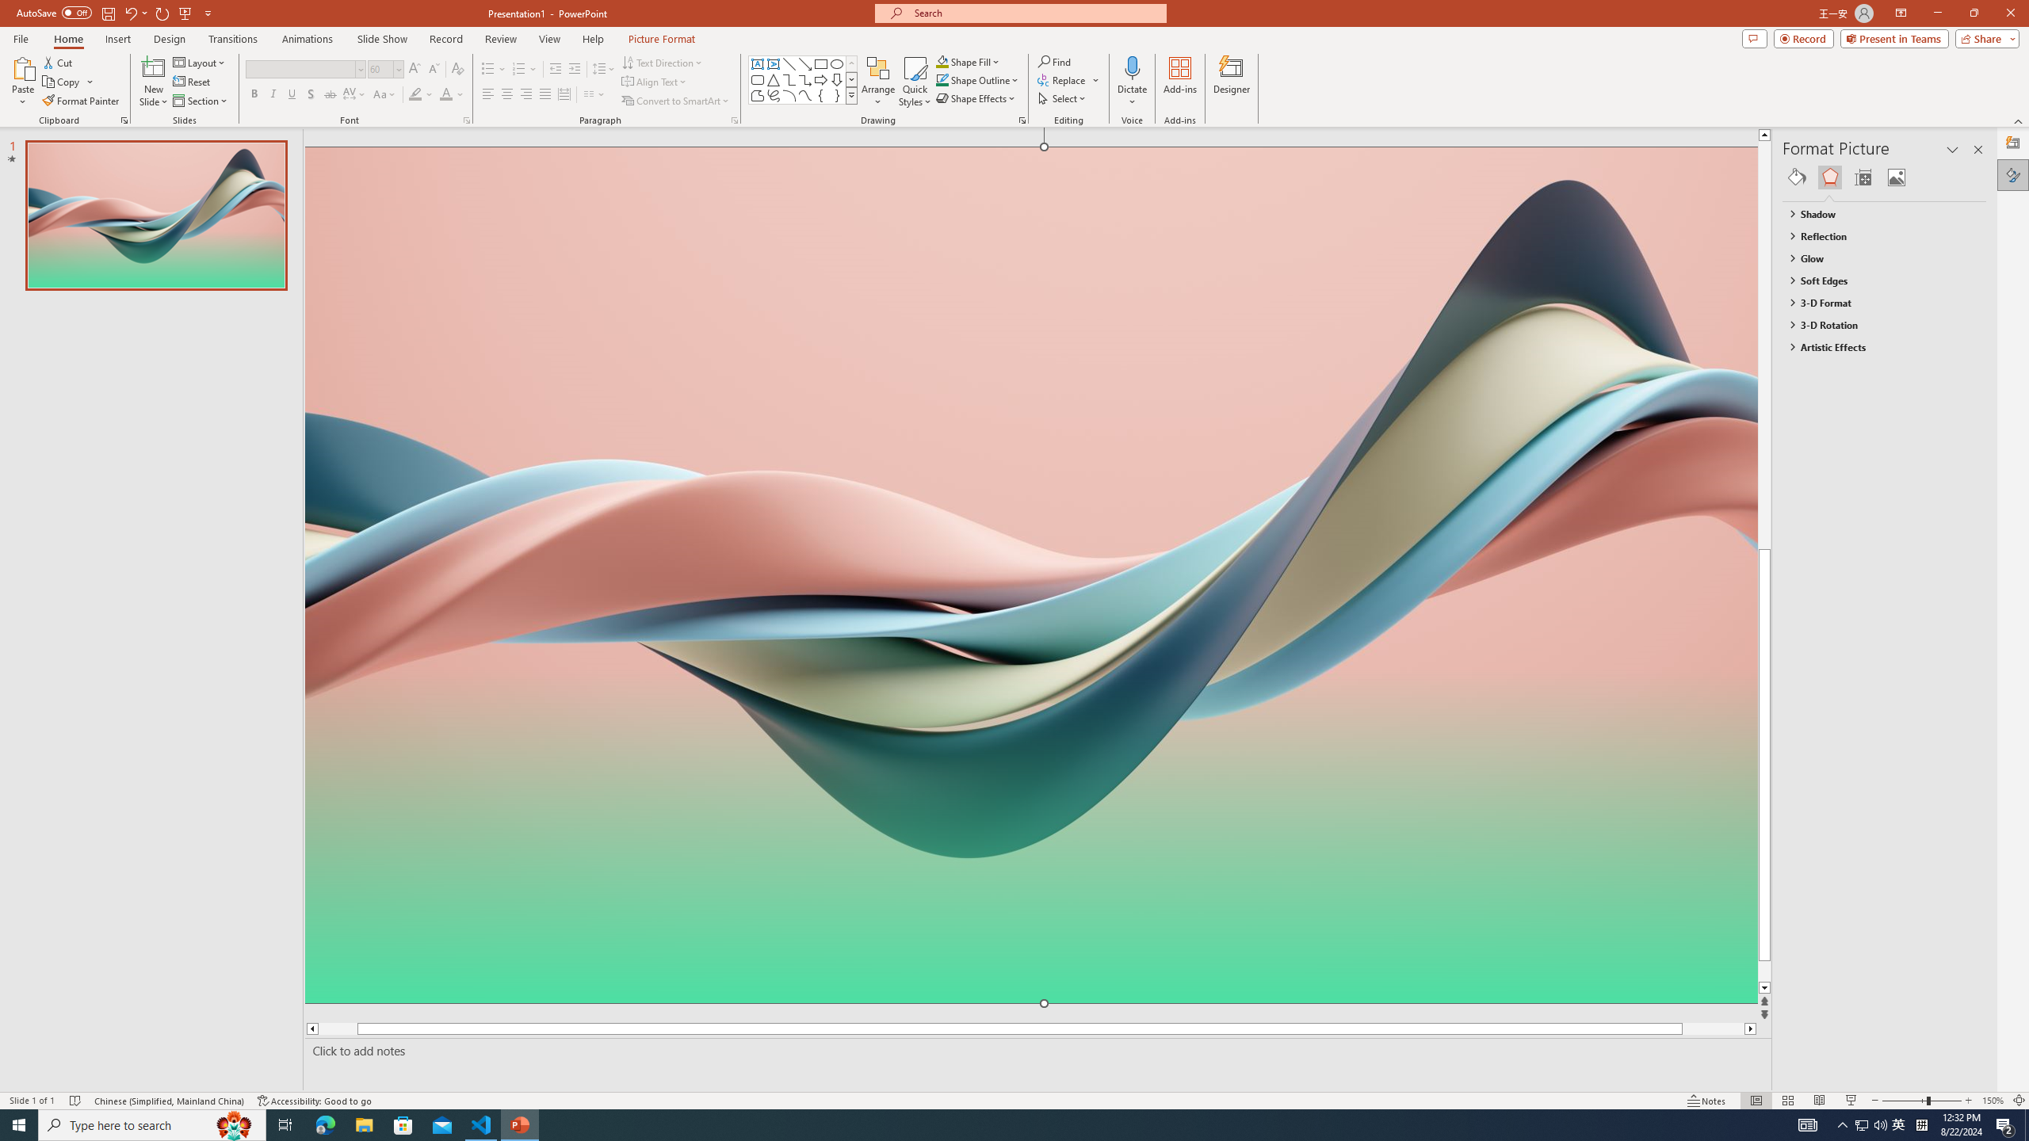 Image resolution: width=2029 pixels, height=1141 pixels. What do you see at coordinates (1819, 1101) in the screenshot?
I see `'Reading View'` at bounding box center [1819, 1101].